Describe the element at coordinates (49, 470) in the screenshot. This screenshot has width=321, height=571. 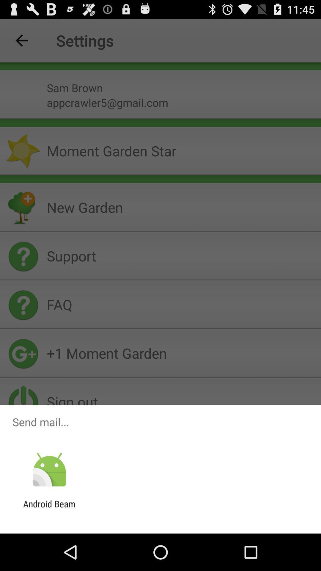
I see `the icon above android beam item` at that location.